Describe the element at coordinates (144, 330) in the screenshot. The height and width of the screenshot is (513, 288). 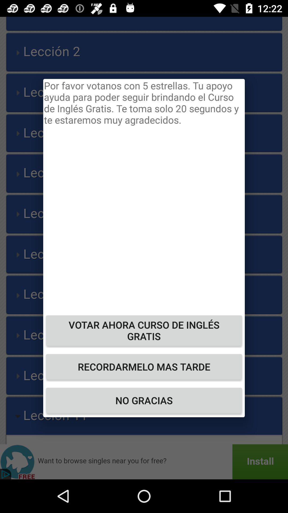
I see `the votar ahora curso icon` at that location.